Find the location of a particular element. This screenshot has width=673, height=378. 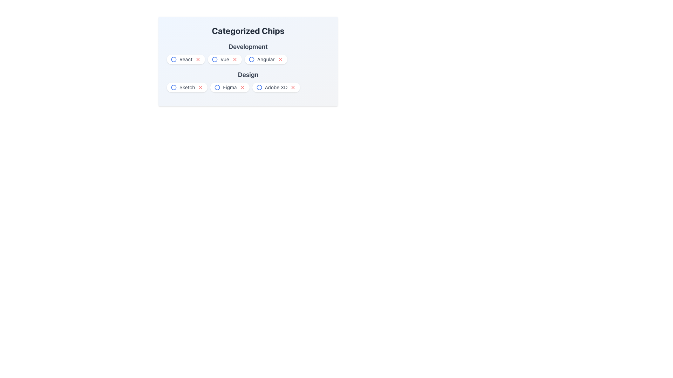

circular graphic with a blue border located within the 'Angular' button in the 'Development' category of the 'Categorized Chips' interface is located at coordinates (251, 59).